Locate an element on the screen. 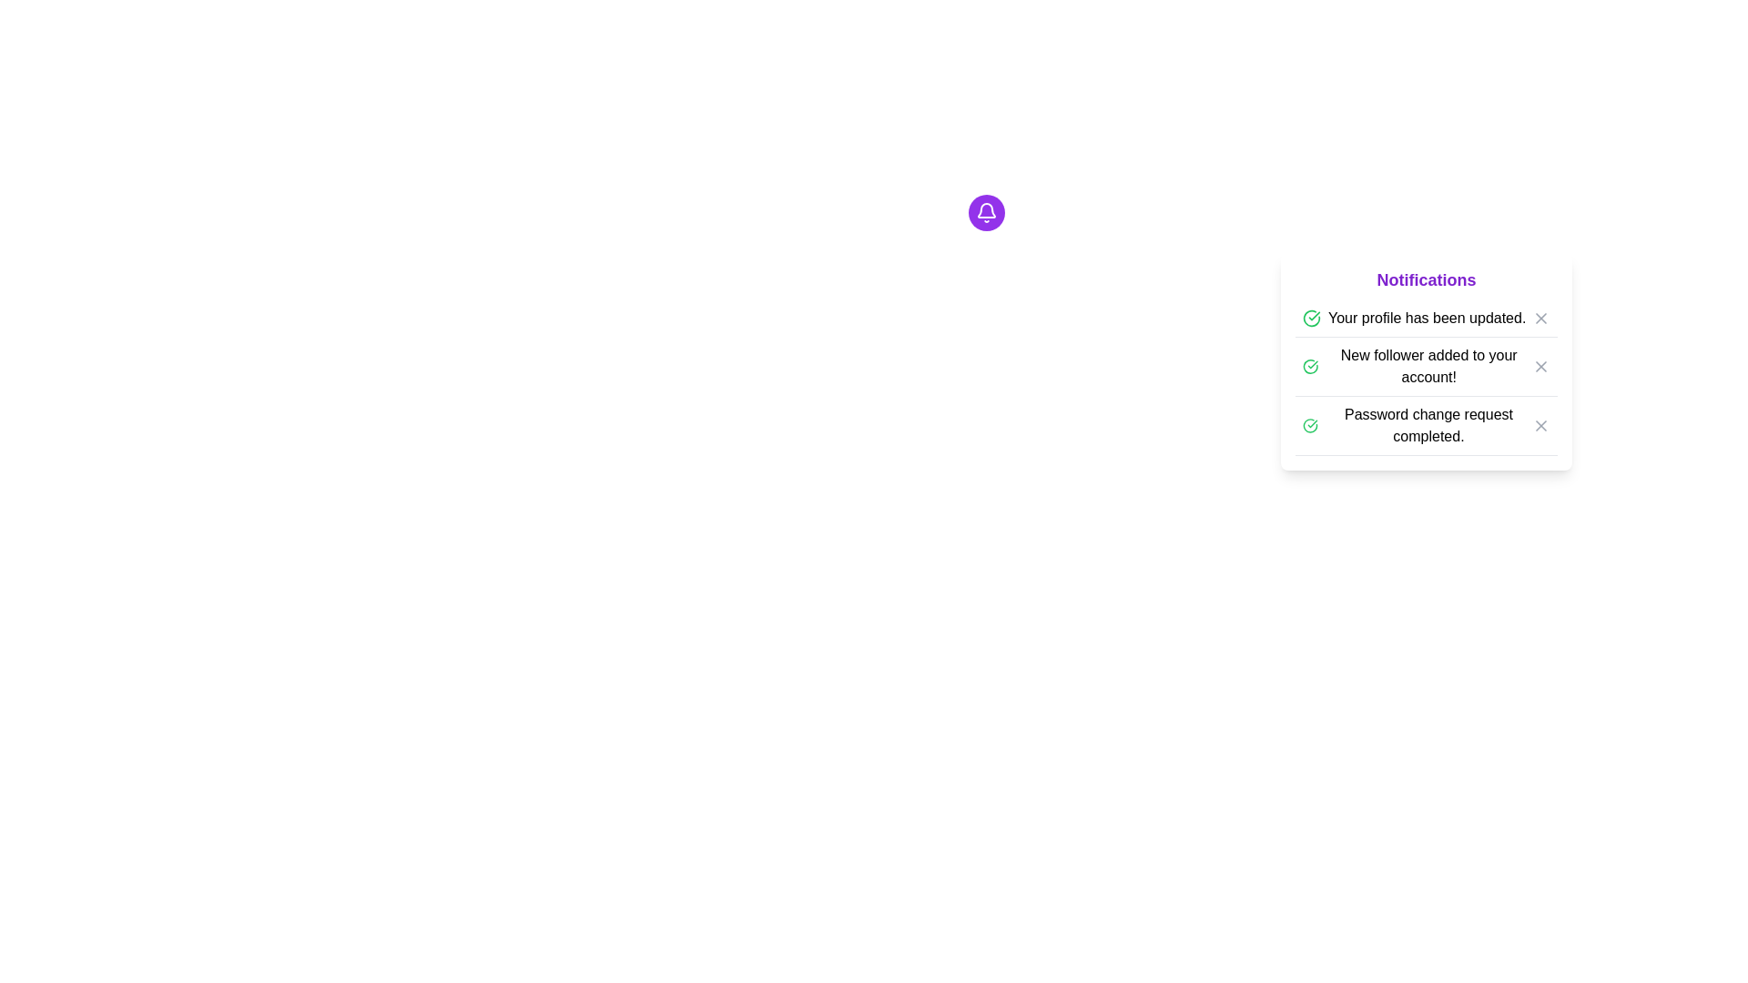  text information from the second notification message text in the notification modal that indicates a new follower was added to the user's account is located at coordinates (1428, 366).